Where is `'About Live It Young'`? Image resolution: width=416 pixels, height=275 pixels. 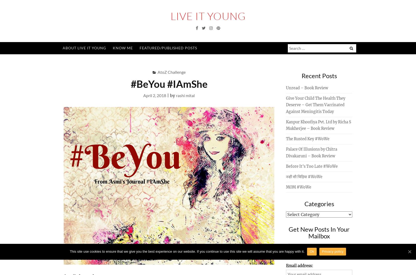
'About Live It Young' is located at coordinates (84, 48).